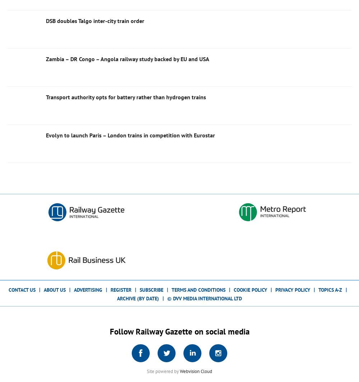 The image size is (359, 382). What do you see at coordinates (88, 289) in the screenshot?
I see `'Advertising'` at bounding box center [88, 289].